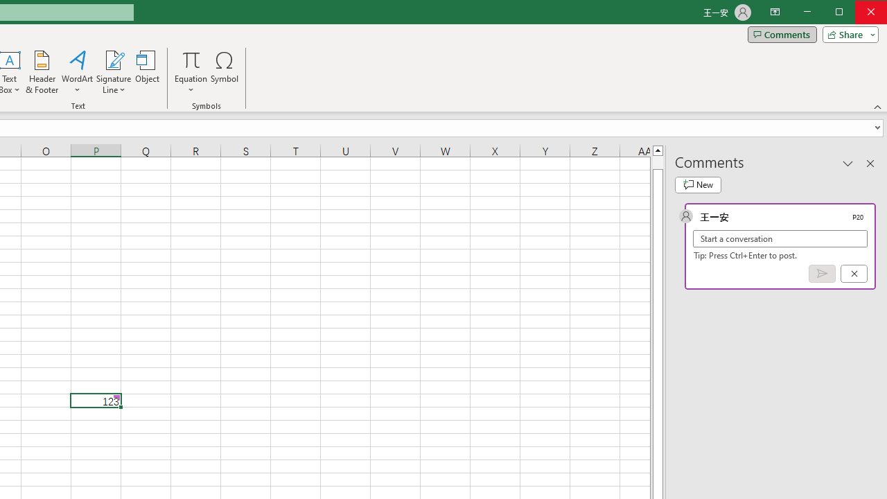  What do you see at coordinates (148, 72) in the screenshot?
I see `'Object...'` at bounding box center [148, 72].